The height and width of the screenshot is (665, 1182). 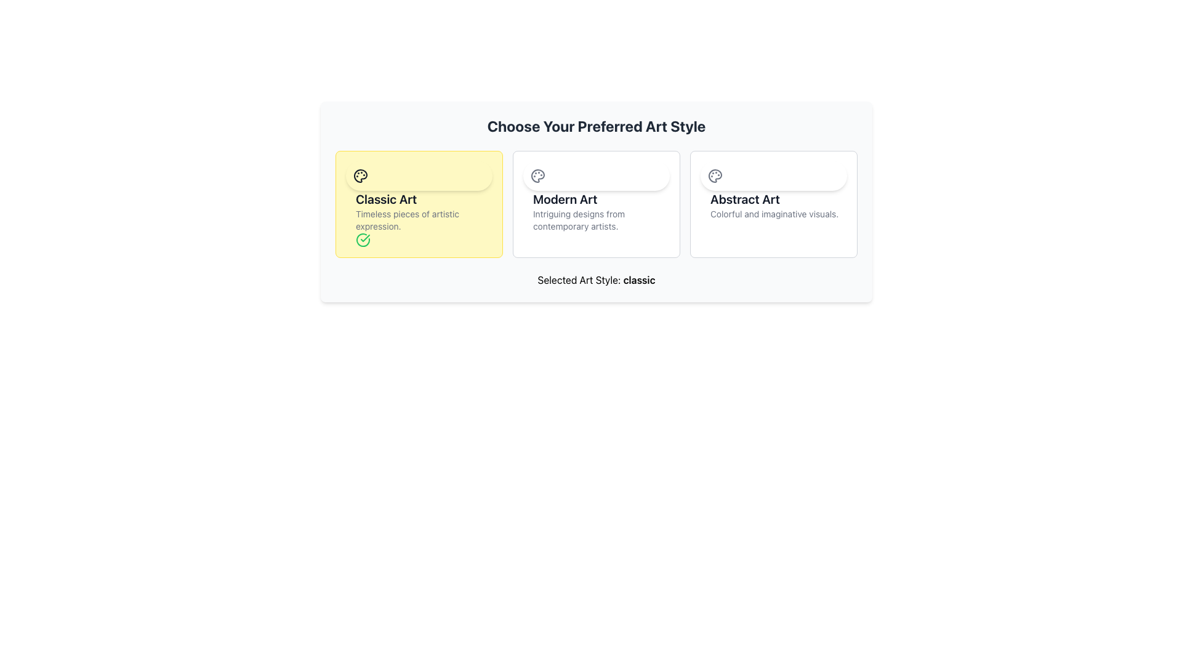 I want to click on the text label displaying 'classic', which is bold and located at the bottom-center of the layout within the phrase 'Selected Art Style: classic', so click(x=639, y=280).